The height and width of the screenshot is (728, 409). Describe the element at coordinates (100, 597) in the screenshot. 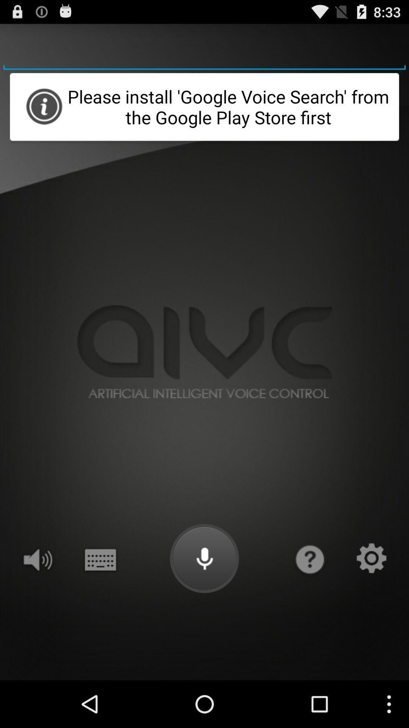

I see `the date_range icon` at that location.